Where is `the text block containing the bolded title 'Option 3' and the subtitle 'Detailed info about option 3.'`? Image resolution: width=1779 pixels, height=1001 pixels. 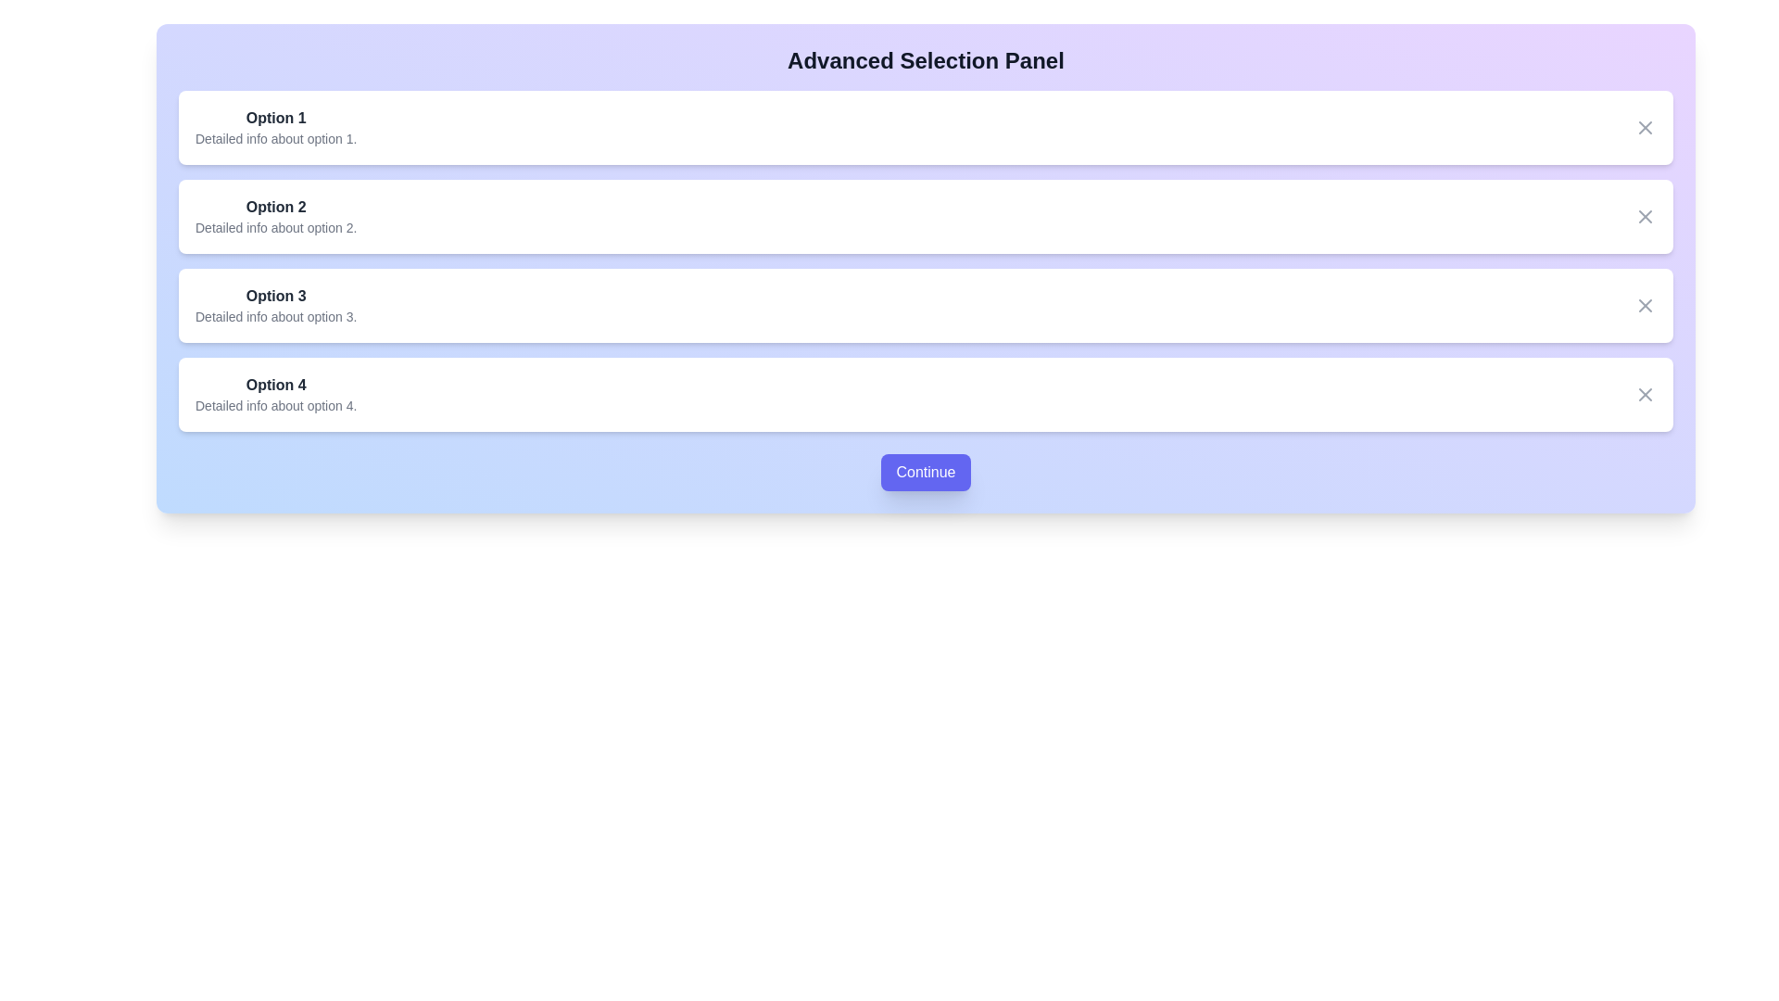 the text block containing the bolded title 'Option 3' and the subtitle 'Detailed info about option 3.' is located at coordinates (275, 305).